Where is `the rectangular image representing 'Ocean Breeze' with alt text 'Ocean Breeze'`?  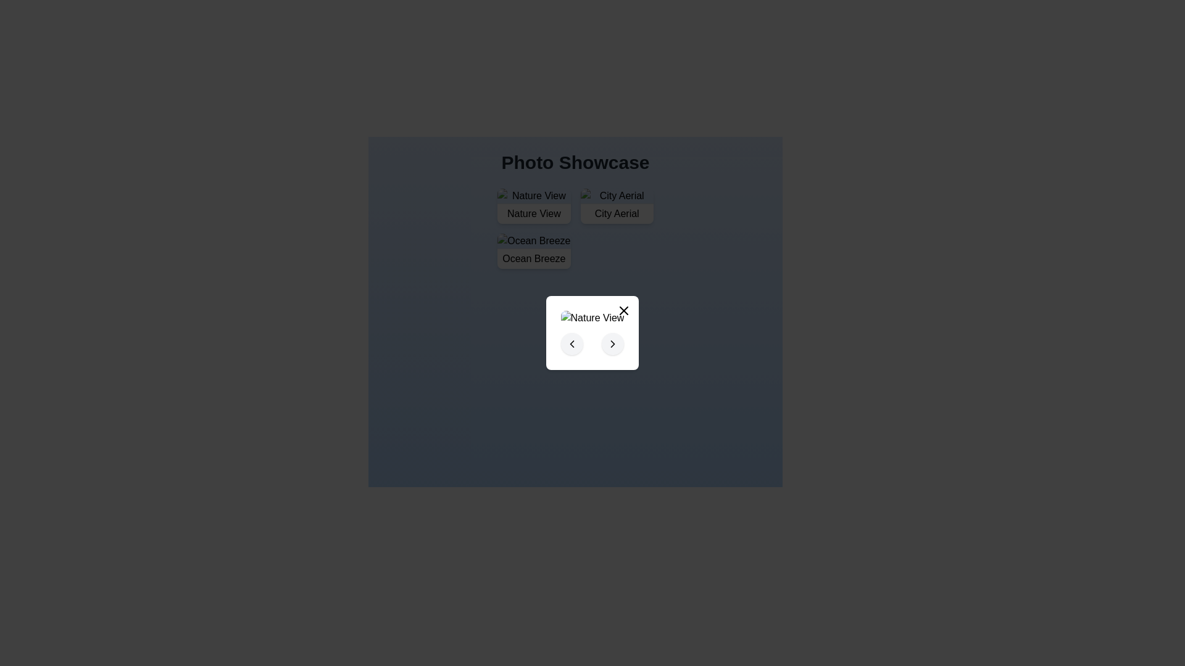
the rectangular image representing 'Ocean Breeze' with alt text 'Ocean Breeze' is located at coordinates (534, 240).